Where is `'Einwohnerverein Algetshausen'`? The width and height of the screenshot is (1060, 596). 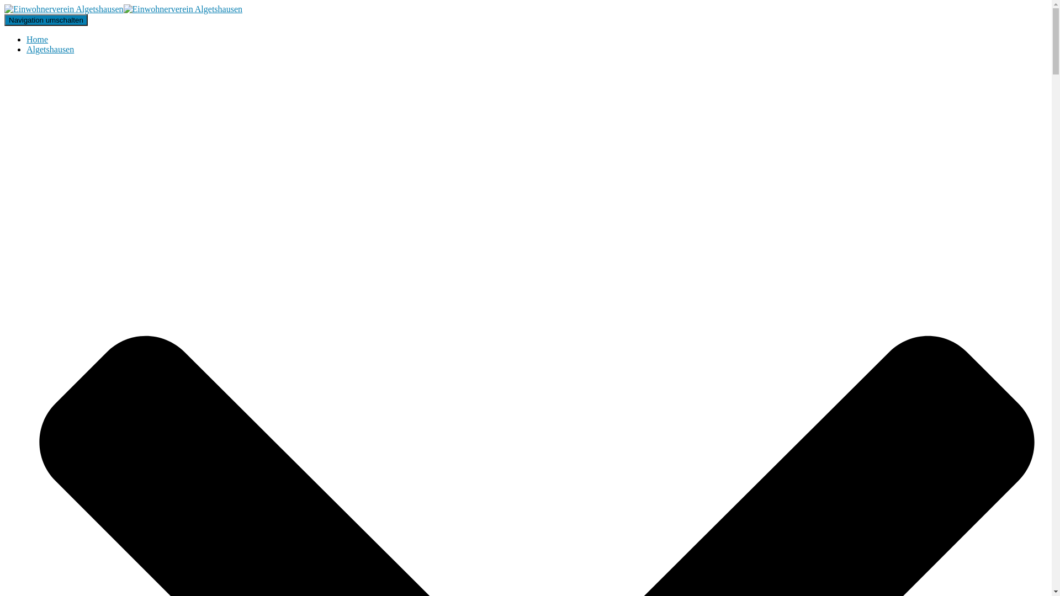
'Einwohnerverein Algetshausen' is located at coordinates (123, 9).